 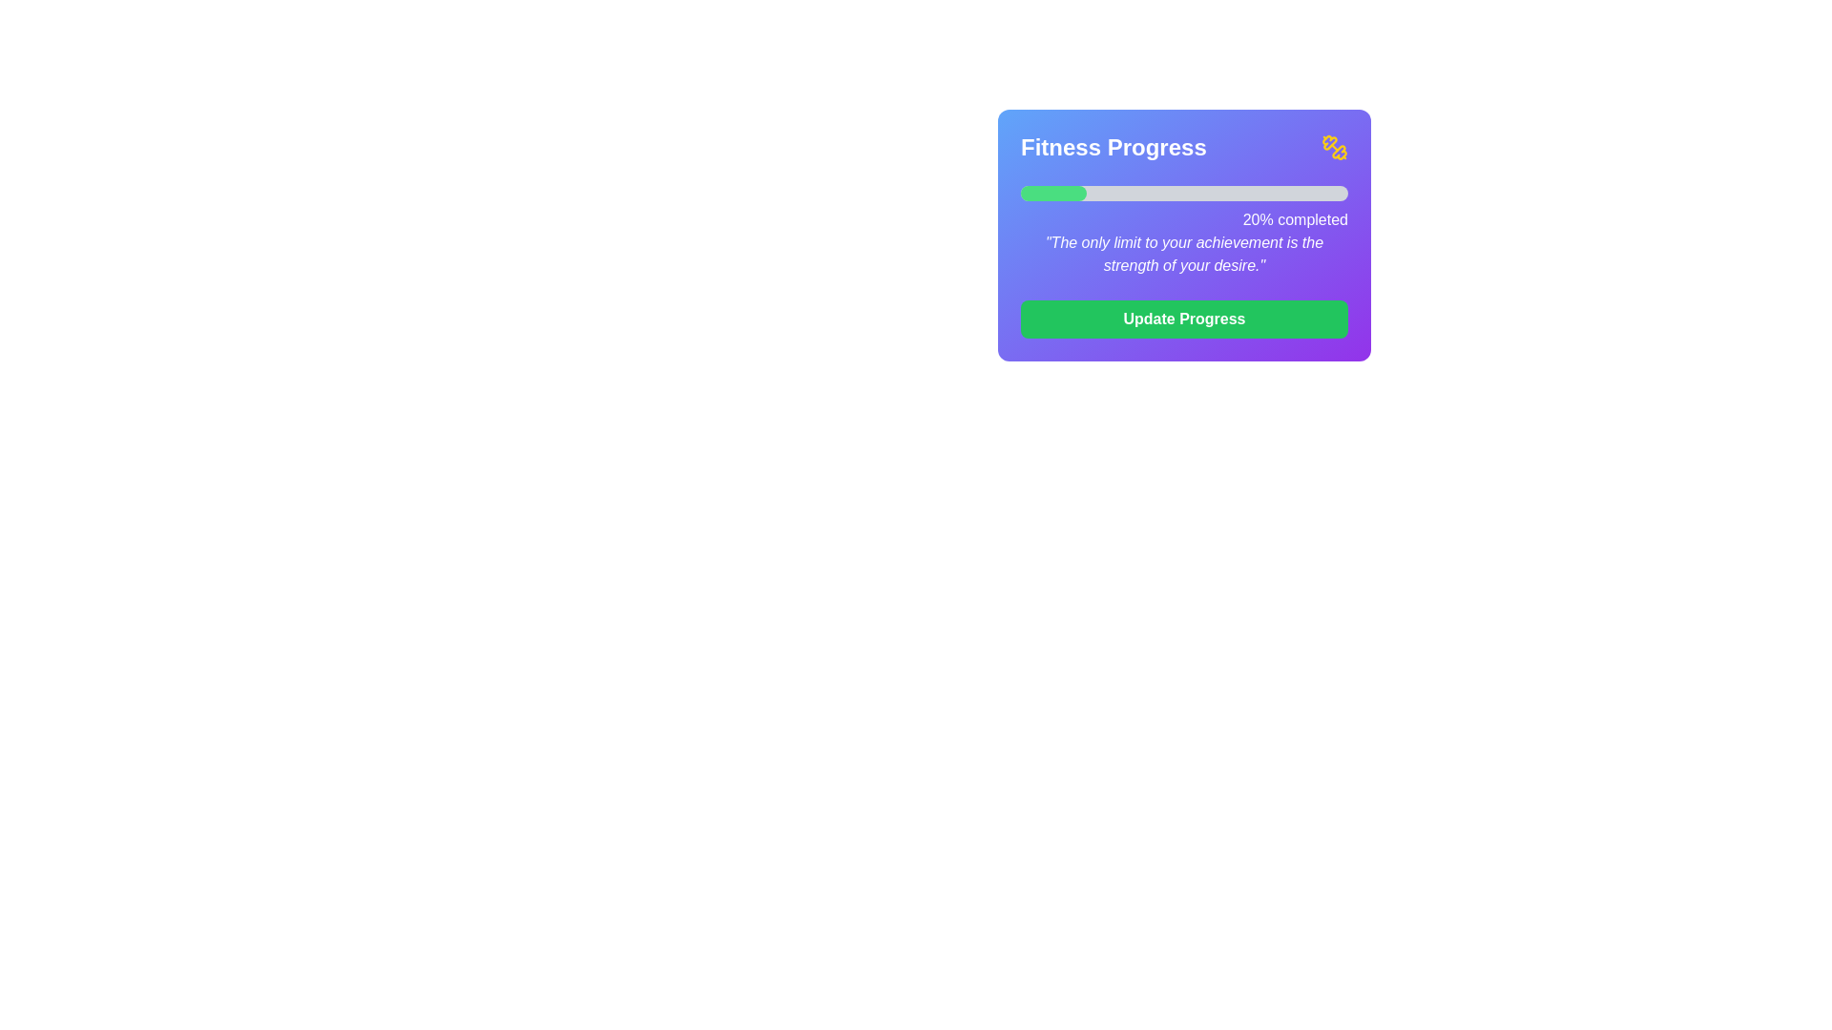 What do you see at coordinates (1114, 146) in the screenshot?
I see `the text label that serves as the heading or title for the section, positioned to the left of a dumbbell icon at the top of the card component` at bounding box center [1114, 146].